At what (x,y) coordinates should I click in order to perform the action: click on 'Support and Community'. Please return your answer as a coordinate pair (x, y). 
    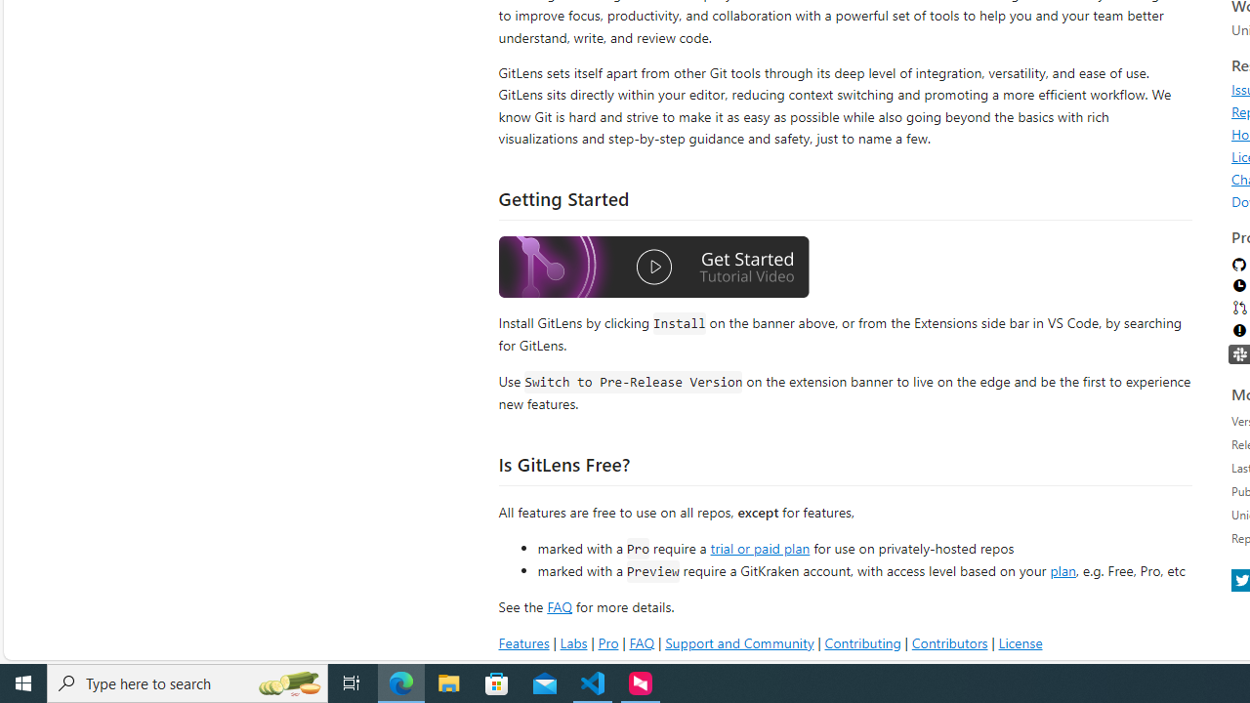
    Looking at the image, I should click on (738, 642).